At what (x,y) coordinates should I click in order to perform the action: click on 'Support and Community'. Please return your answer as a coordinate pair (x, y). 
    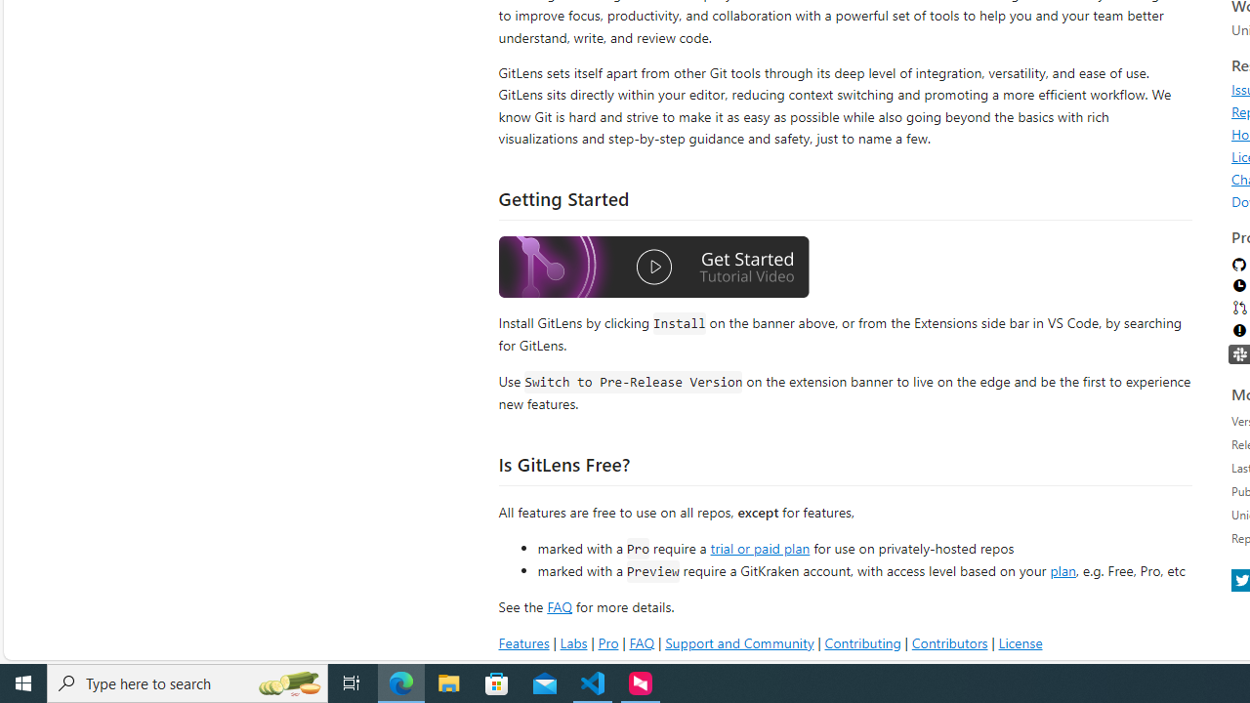
    Looking at the image, I should click on (738, 642).